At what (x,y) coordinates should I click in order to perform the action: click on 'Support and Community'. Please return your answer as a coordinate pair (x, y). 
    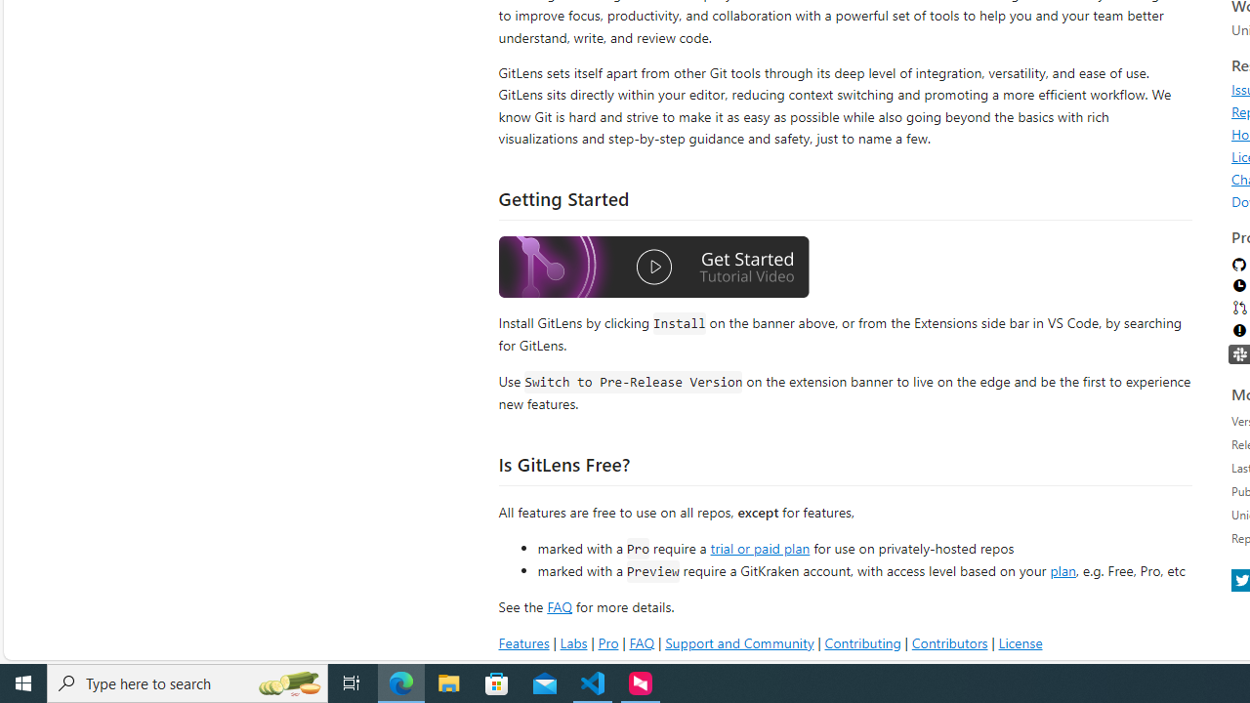
    Looking at the image, I should click on (738, 642).